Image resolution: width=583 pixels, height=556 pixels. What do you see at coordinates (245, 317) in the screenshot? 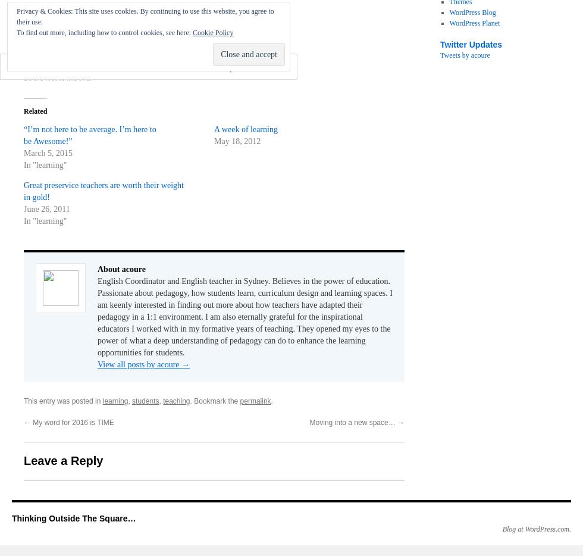
I see `'English Coordinator and English teacher in Sydney. Believes in the power of education. Passionate about pedagogy, how students learn, curriculum design and  learning spaces. I am keenly interested in finding out more about how teachers have adapted their pedagogy in a 1:1 environment. I am also eternally grateful for the inspirational educators I worked with in my formative years of teaching. They opened my eyes to the power of what a deep understanding of pedagogy can do to enhance the learning opportunities for students.'` at bounding box center [245, 317].